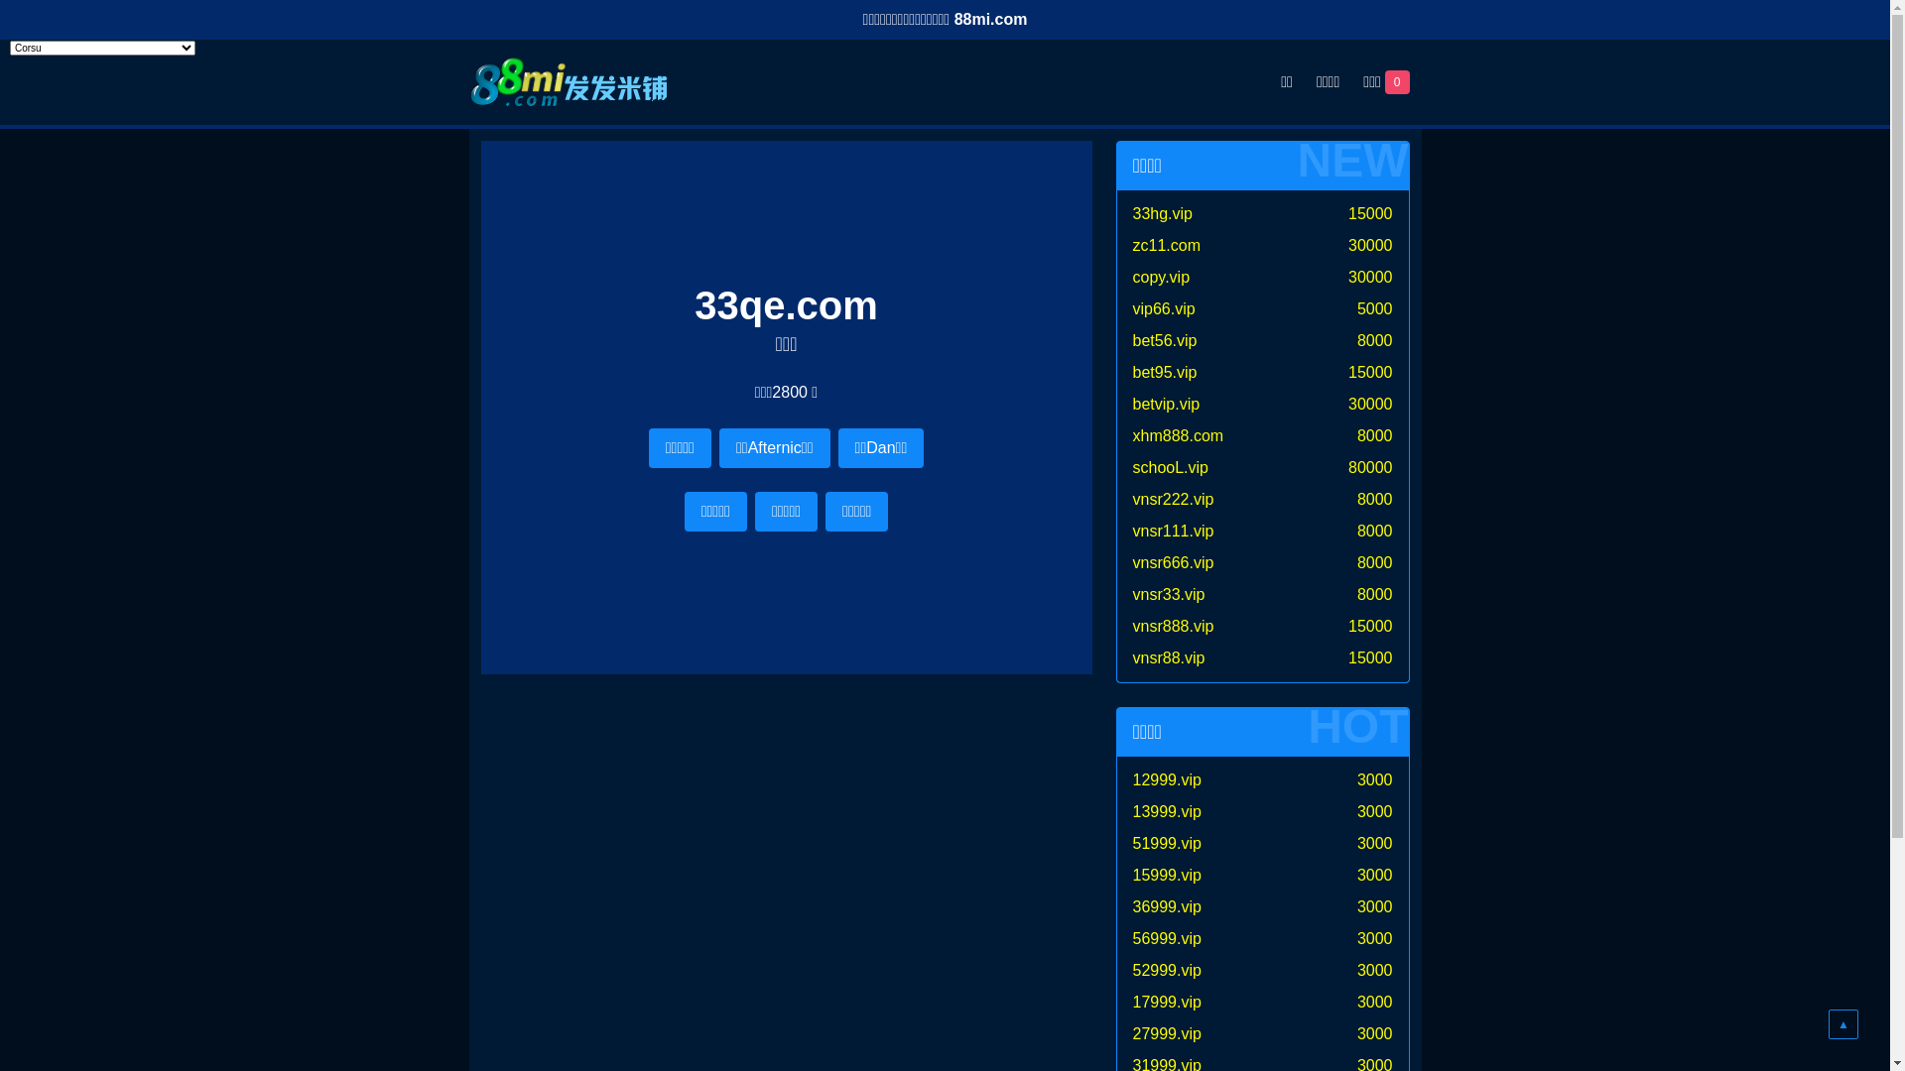 This screenshot has height=1071, width=1905. Describe the element at coordinates (1173, 562) in the screenshot. I see `'vnsr666.vip'` at that location.